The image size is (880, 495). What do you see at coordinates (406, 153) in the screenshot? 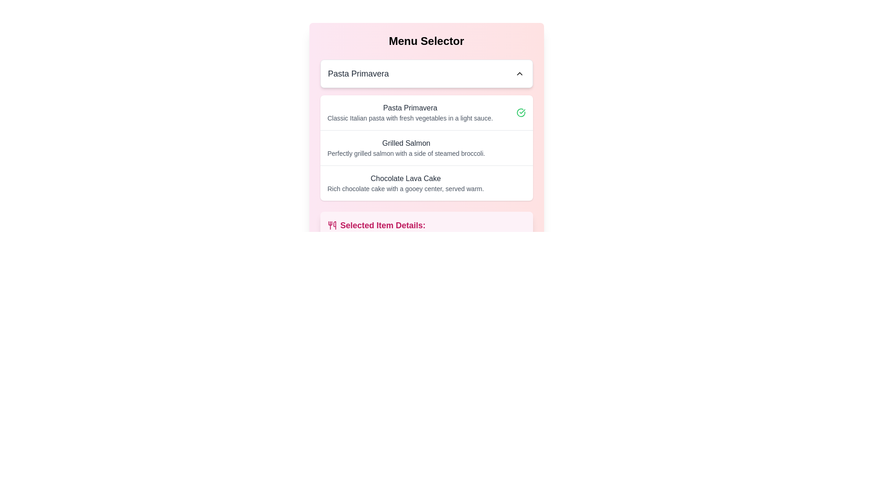
I see `the descriptive text providing information about the Grilled Salmon menu option, located directly below the heading text 'Grilled Salmon.'` at bounding box center [406, 153].